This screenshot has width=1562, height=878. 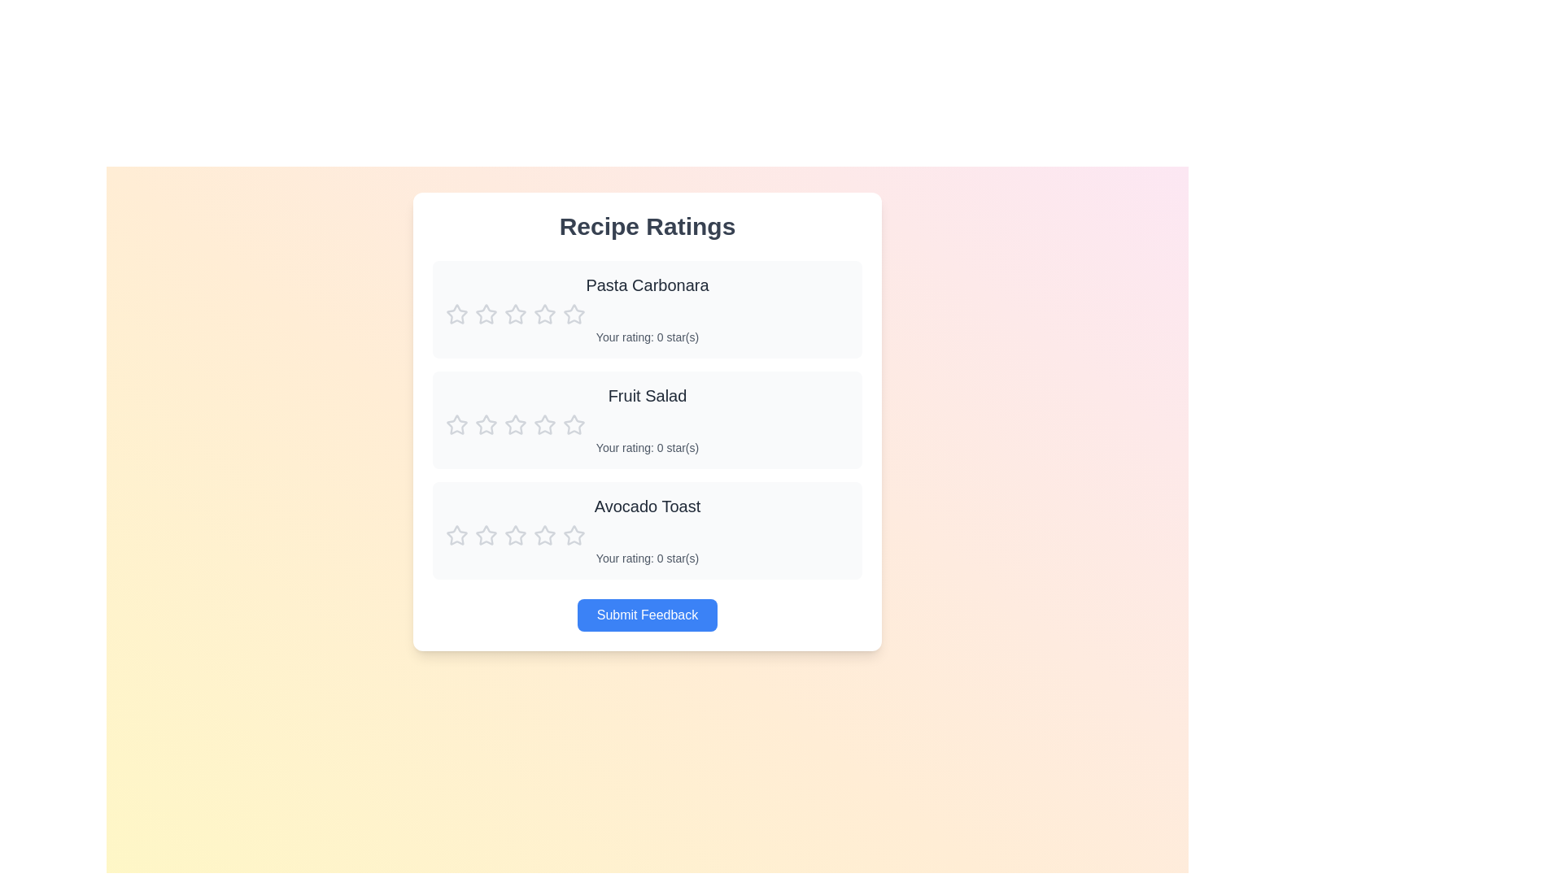 What do you see at coordinates (514, 424) in the screenshot?
I see `the second star in the horizontal row of five stars for the 'Fruit Salad' rating` at bounding box center [514, 424].